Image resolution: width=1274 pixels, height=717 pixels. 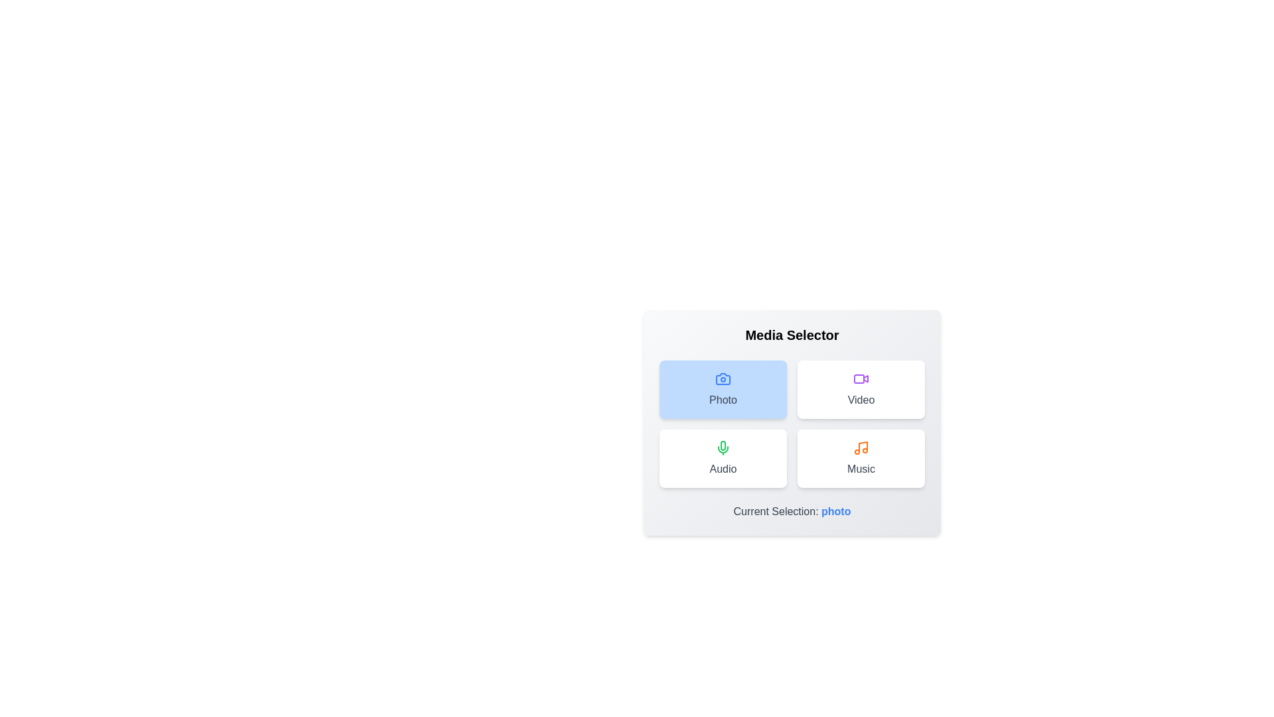 What do you see at coordinates (722, 457) in the screenshot?
I see `the button corresponding to the media type Audio` at bounding box center [722, 457].